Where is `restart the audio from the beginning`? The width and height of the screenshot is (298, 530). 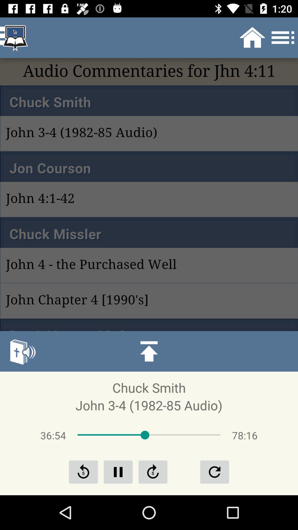 restart the audio from the beginning is located at coordinates (214, 471).